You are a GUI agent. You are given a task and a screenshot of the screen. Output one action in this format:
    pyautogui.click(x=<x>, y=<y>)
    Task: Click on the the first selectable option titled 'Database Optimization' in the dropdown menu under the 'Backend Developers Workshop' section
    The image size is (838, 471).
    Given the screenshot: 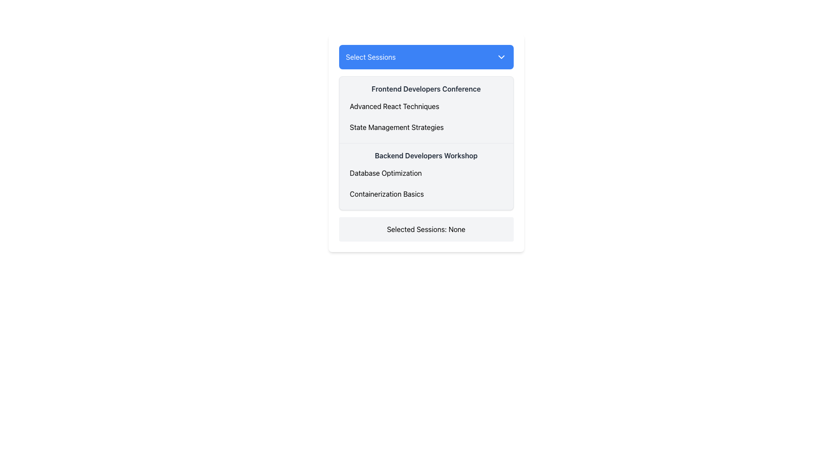 What is the action you would take?
    pyautogui.click(x=426, y=173)
    